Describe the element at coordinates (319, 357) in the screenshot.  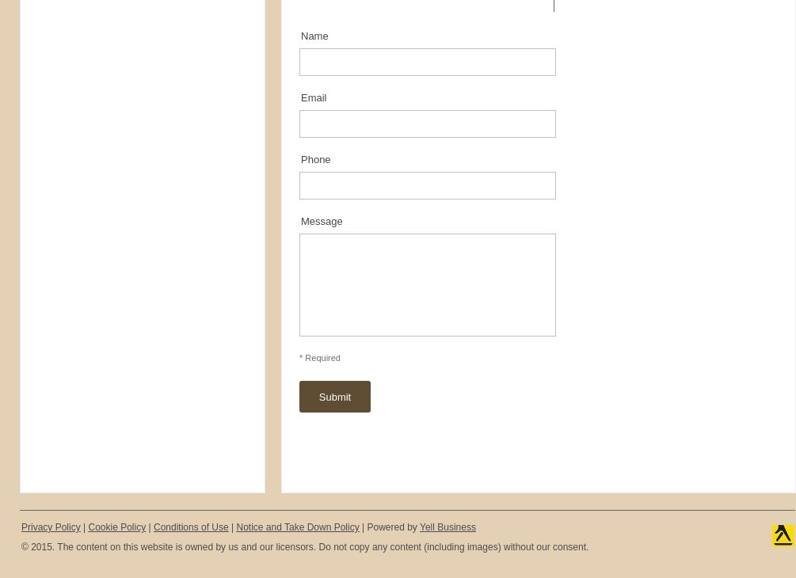
I see `'* Required'` at that location.